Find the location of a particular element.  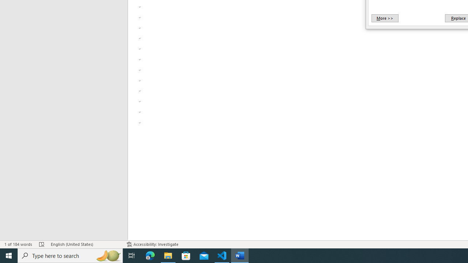

'Language English (United States)' is located at coordinates (85, 244).